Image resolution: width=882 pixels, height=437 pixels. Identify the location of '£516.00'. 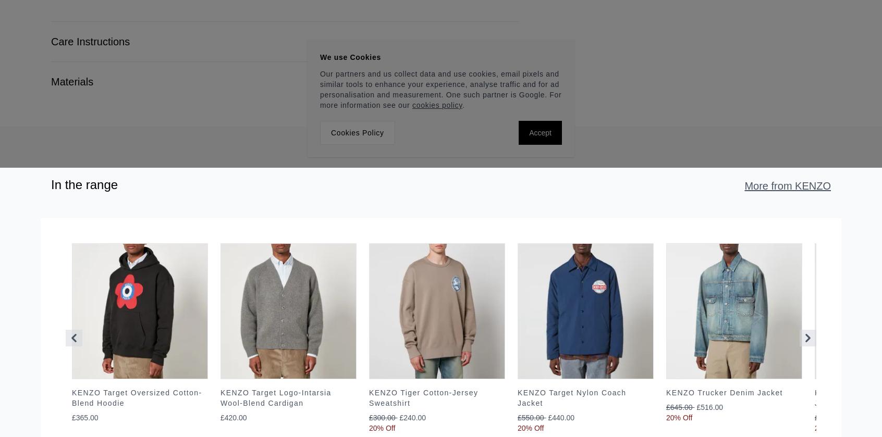
(709, 406).